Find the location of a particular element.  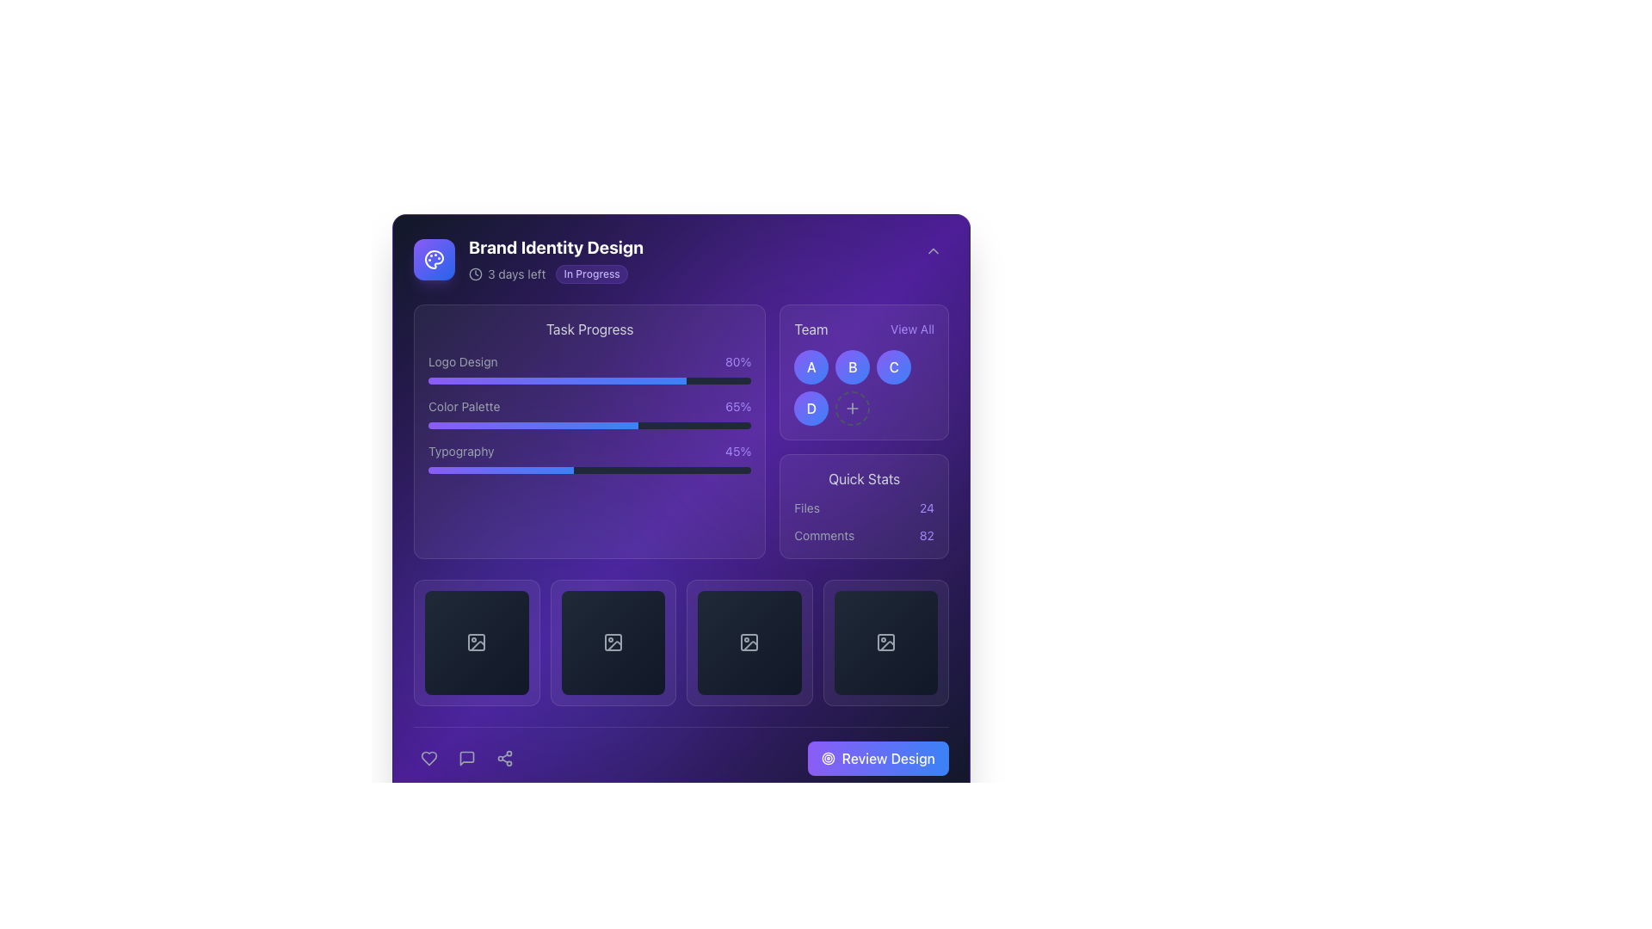

the Interactive image placeholder, which is the last item in a four-item grid with a dark background and an image icon at its center is located at coordinates (885, 643).